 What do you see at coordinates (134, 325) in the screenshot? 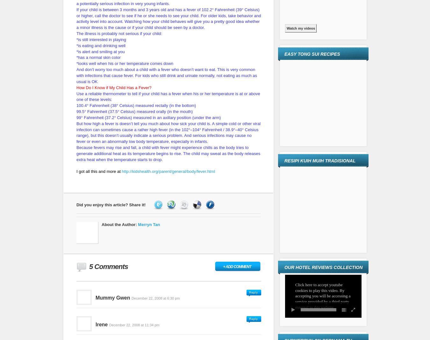
I see `'December 22, 2008 at 11:34 pm'` at bounding box center [134, 325].